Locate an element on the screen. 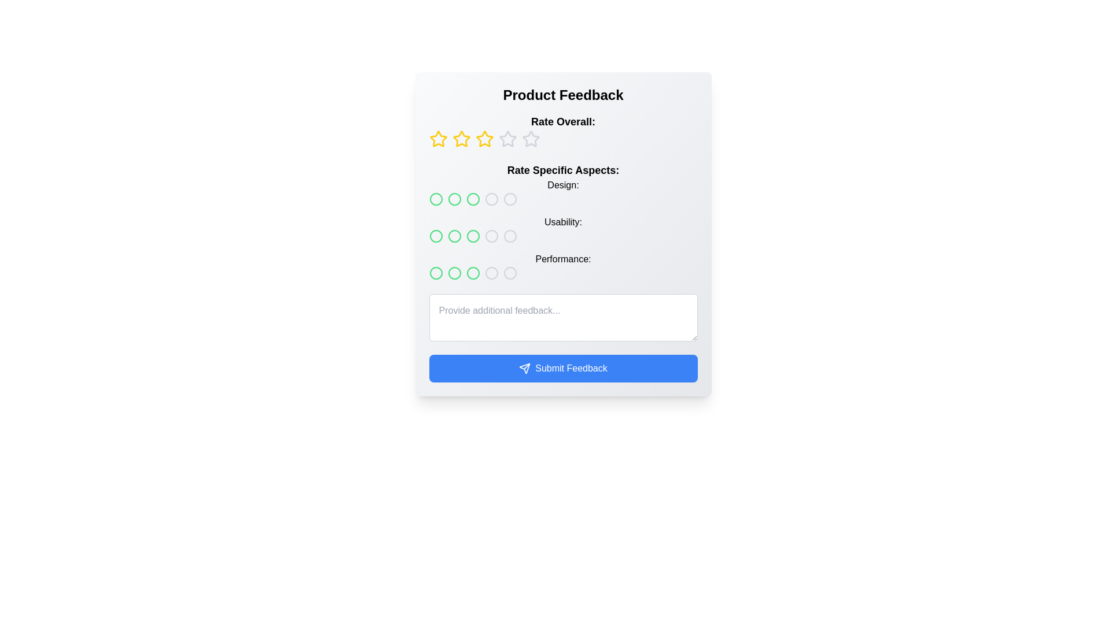 This screenshot has width=1111, height=624. the fourth hollow star icon outlined in gray to rate it, located under the 'Rate Overall:' label is located at coordinates (507, 138).